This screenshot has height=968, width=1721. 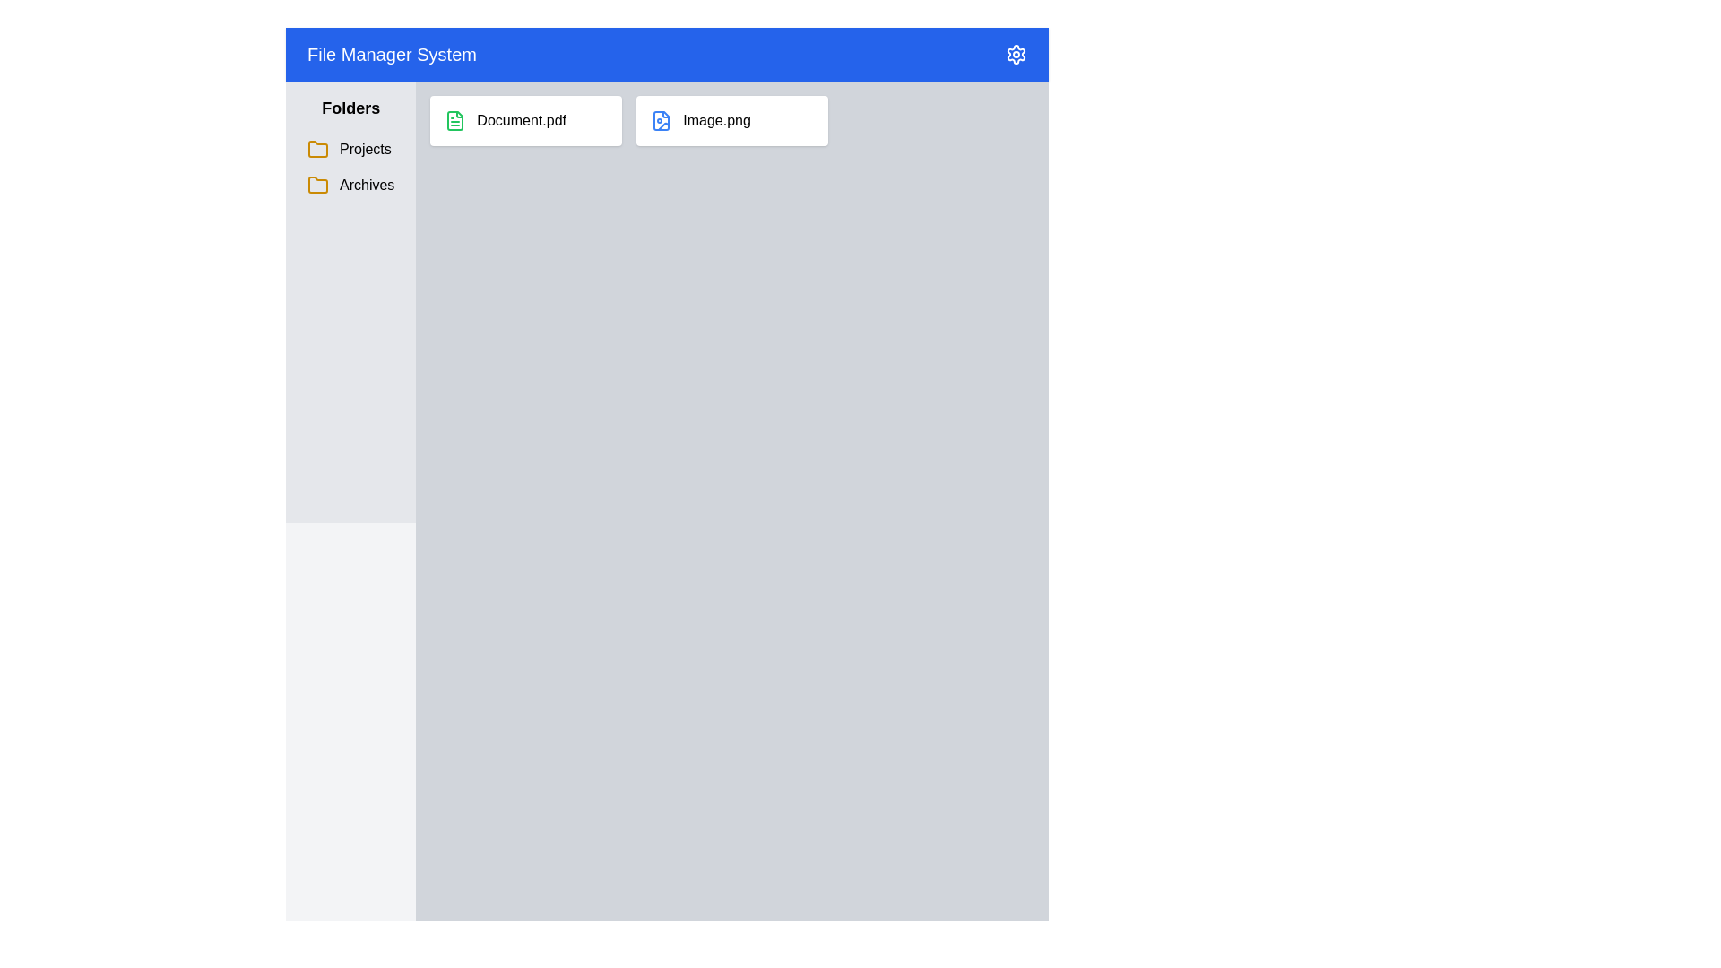 What do you see at coordinates (350, 148) in the screenshot?
I see `the 'Projects' navigation entry` at bounding box center [350, 148].